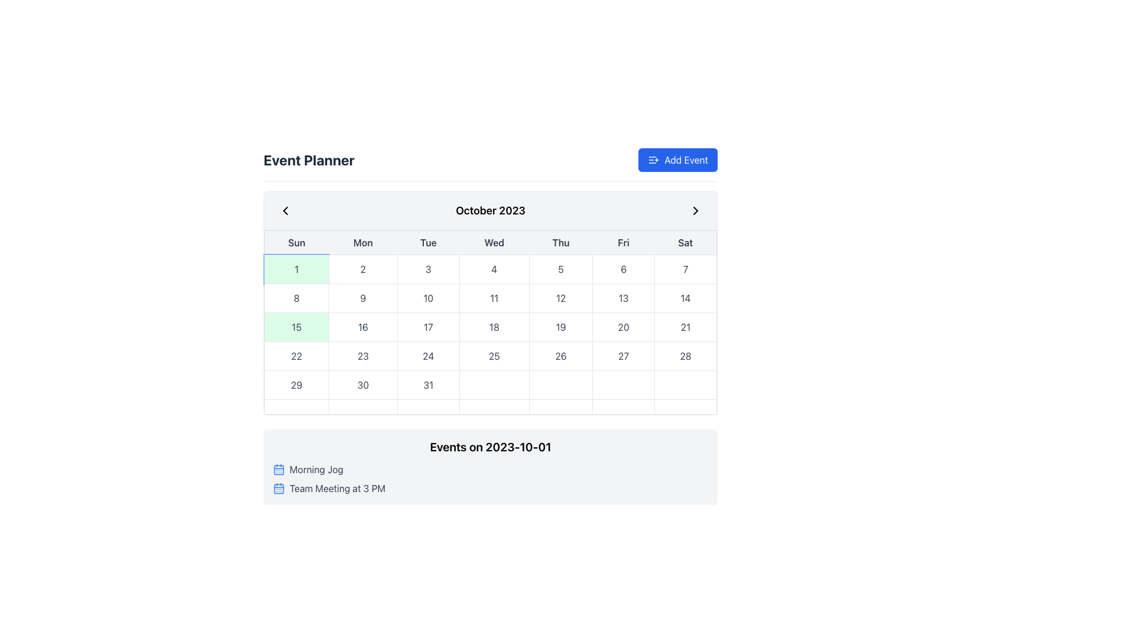  Describe the element at coordinates (316, 468) in the screenshot. I see `the text label 'Morning Jog' which is styled in gray and associated with a calendar icon, located in the event list below the monthly calendar view` at that location.